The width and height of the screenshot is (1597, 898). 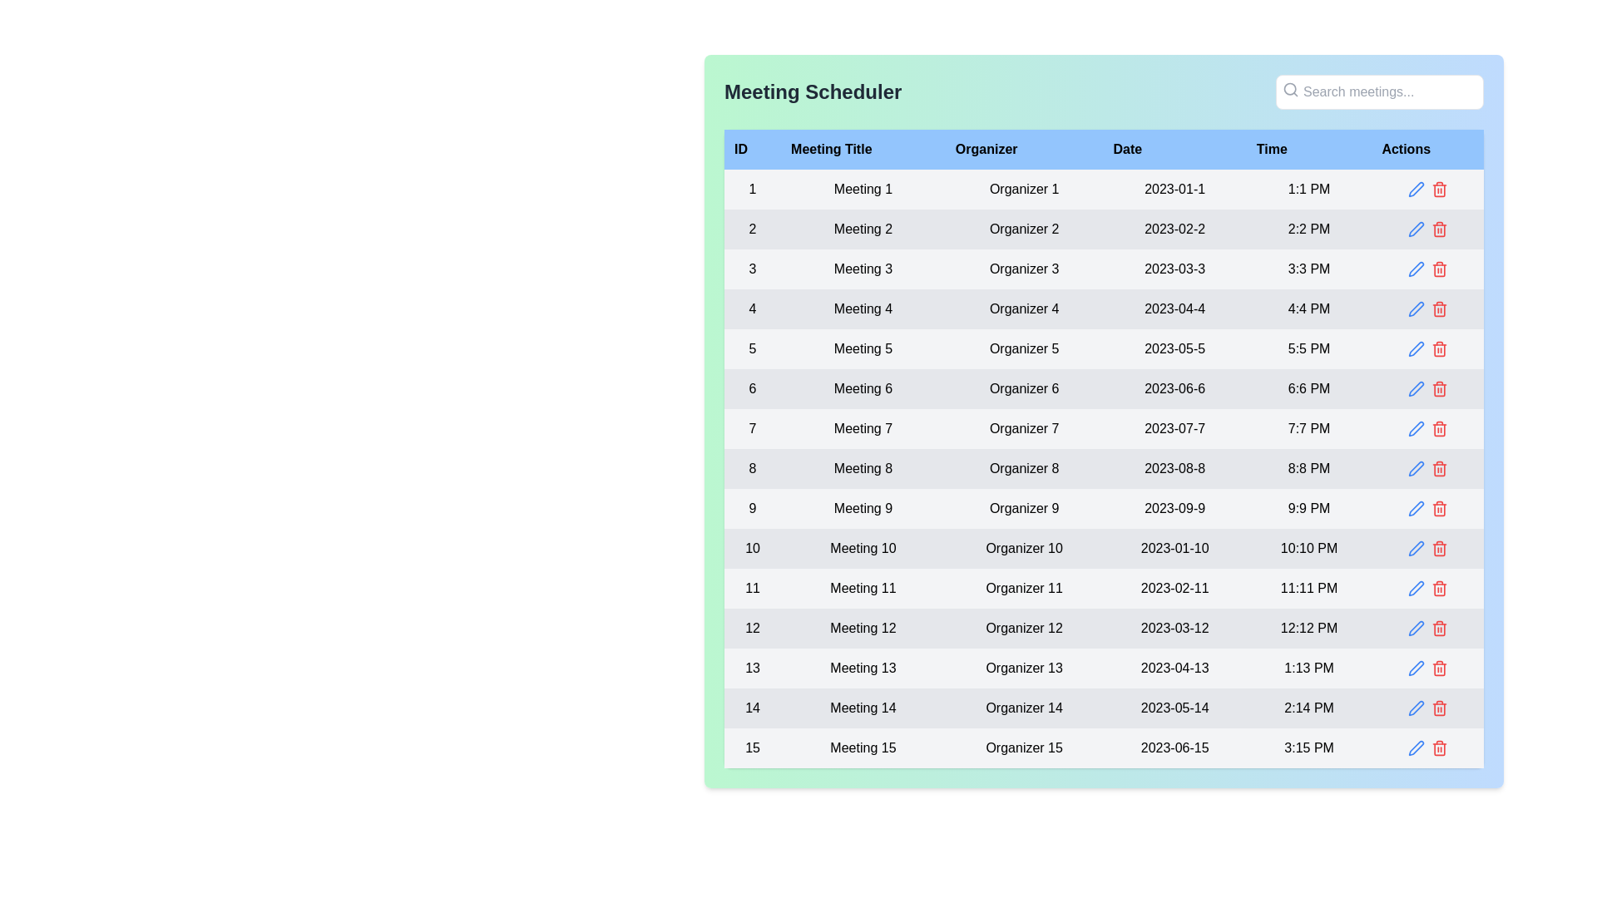 What do you see at coordinates (1426, 747) in the screenshot?
I see `the red trash can icon in the Actions column of the table for the 15th row` at bounding box center [1426, 747].